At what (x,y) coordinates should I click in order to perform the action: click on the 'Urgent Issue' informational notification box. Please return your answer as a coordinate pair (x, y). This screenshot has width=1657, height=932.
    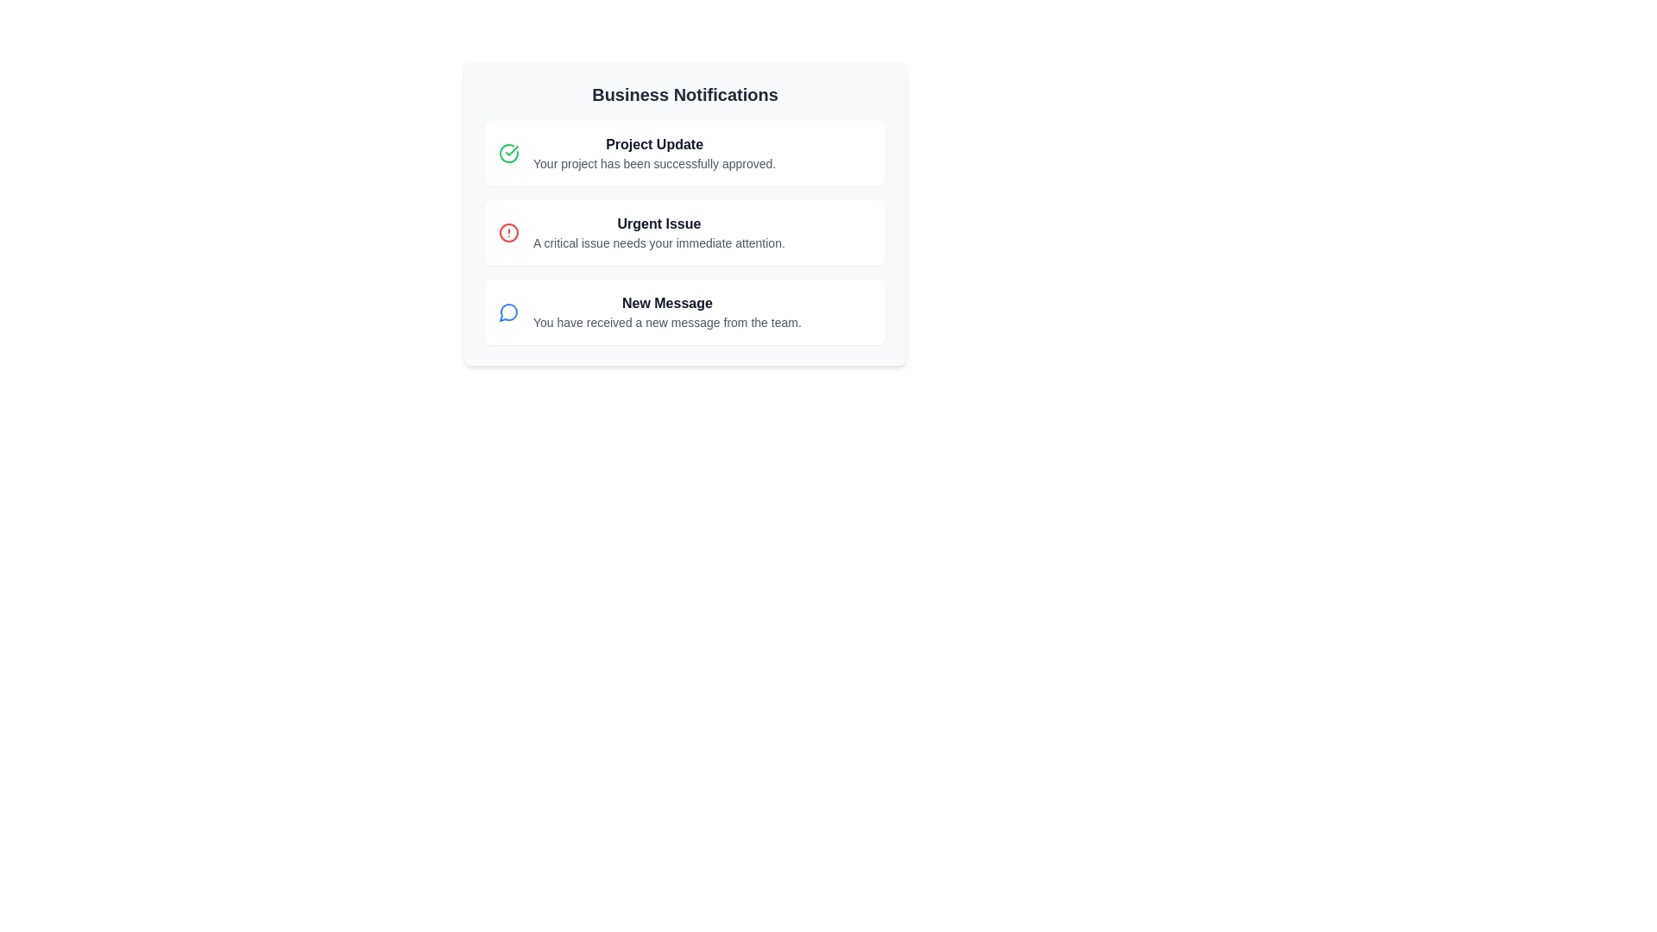
    Looking at the image, I should click on (658, 233).